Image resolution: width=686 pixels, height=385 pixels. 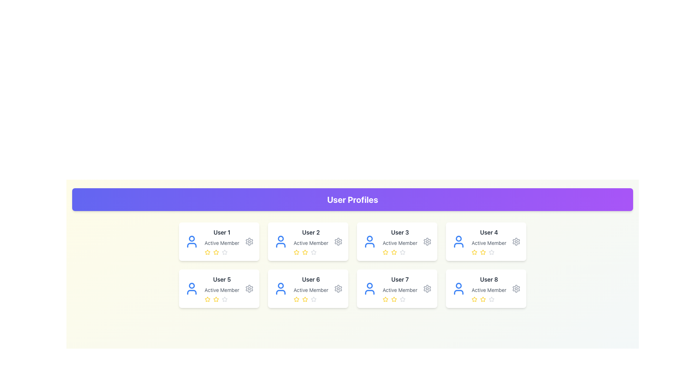 What do you see at coordinates (338, 289) in the screenshot?
I see `the small circular settings icon styled as a gear located in the top-right corner of the 'User 6' card in the 'User Profiles' section` at bounding box center [338, 289].